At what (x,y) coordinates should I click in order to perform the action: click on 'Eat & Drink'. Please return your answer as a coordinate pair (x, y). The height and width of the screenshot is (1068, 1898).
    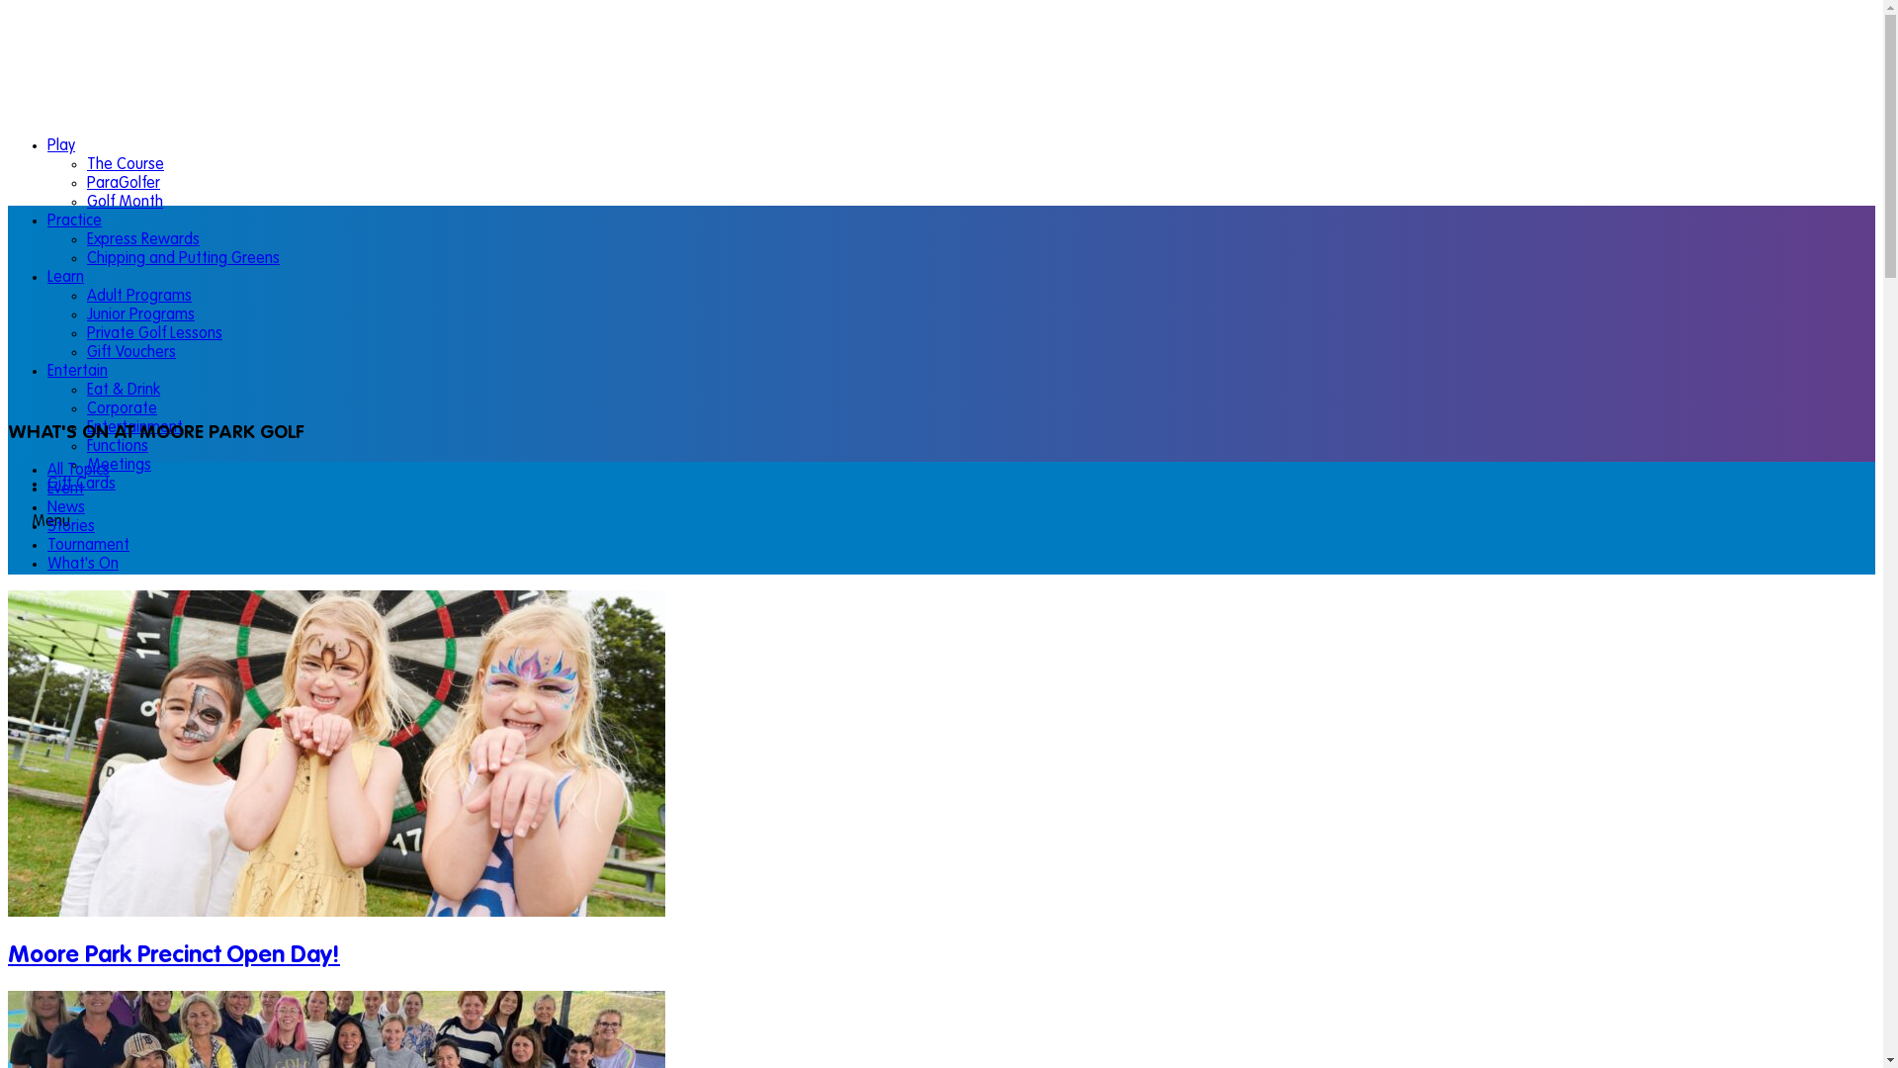
    Looking at the image, I should click on (122, 390).